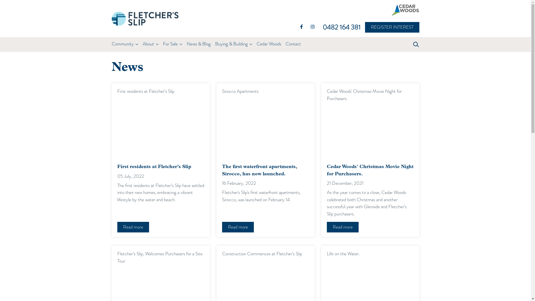 This screenshot has height=301, width=535. What do you see at coordinates (201, 44) in the screenshot?
I see `'News & Blog'` at bounding box center [201, 44].